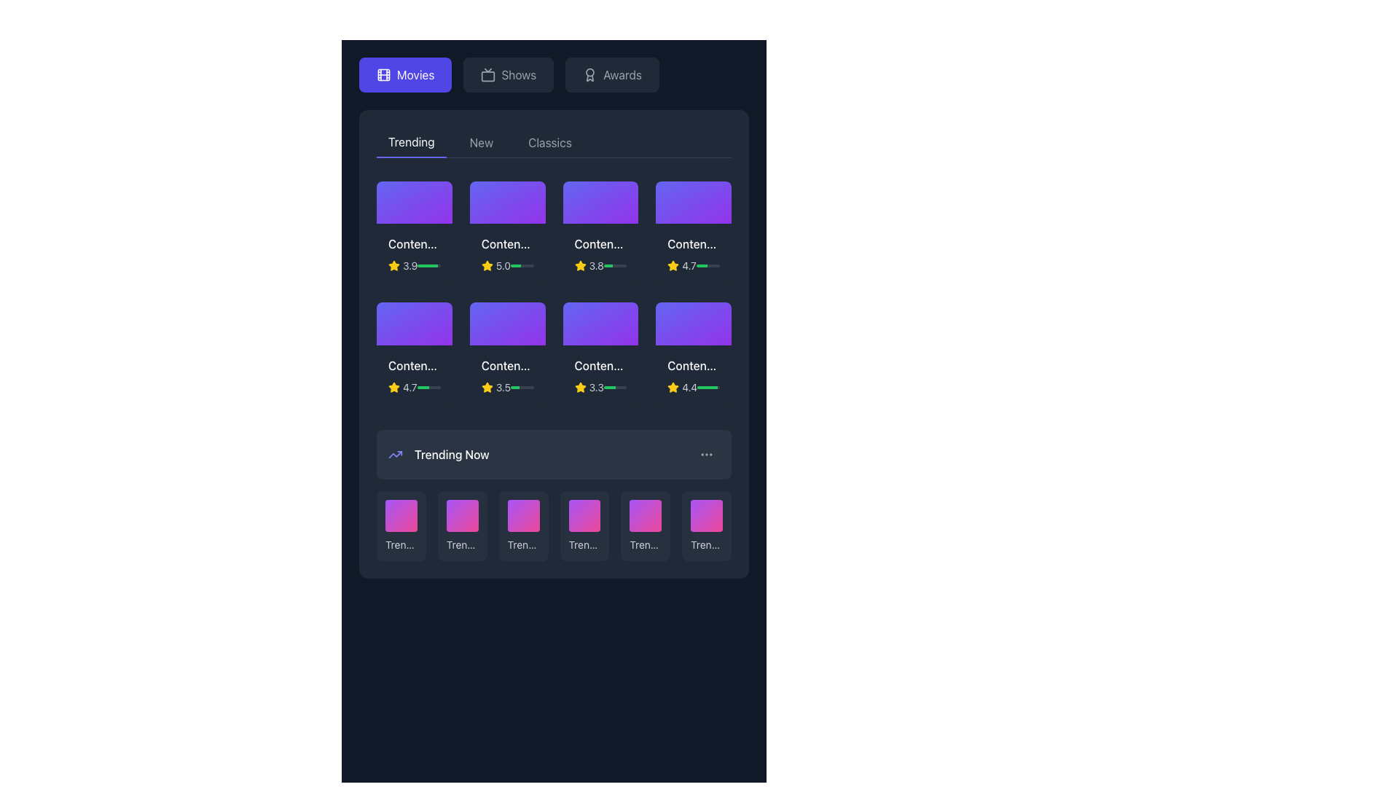  I want to click on the card labeled 'Content Title 7' located in the 'Trending' category subsection to interact with it, so click(600, 375).